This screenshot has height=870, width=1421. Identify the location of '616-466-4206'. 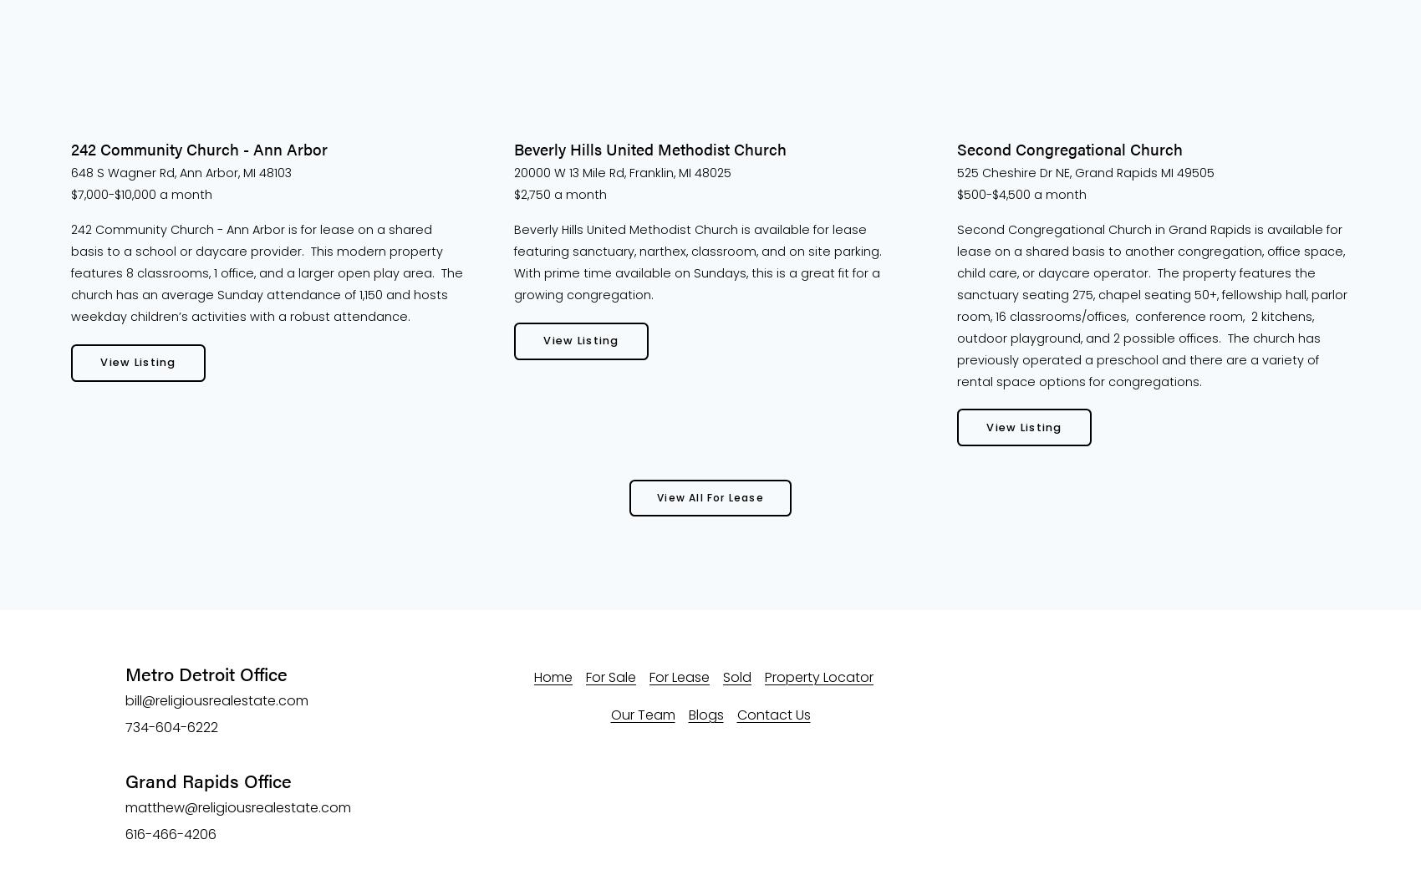
(124, 833).